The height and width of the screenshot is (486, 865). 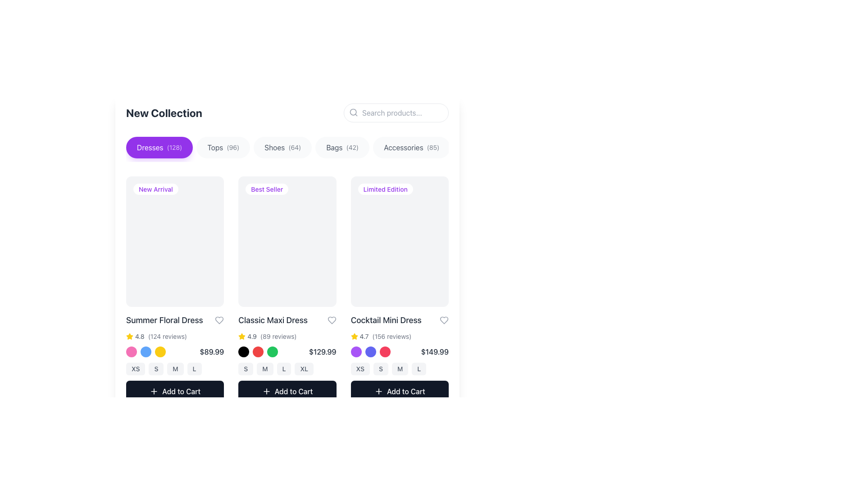 What do you see at coordinates (353, 112) in the screenshot?
I see `the SVG circle element that forms the circular portion of the magnifying glass icon in the top-right search bar area` at bounding box center [353, 112].